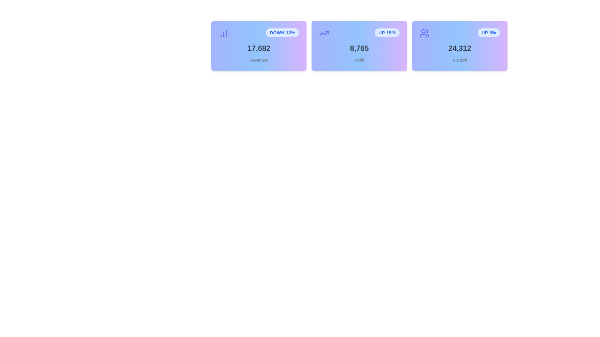 The height and width of the screenshot is (337, 600). What do you see at coordinates (424, 33) in the screenshot?
I see `the 'Visitors' icon located at the top-left corner of the third card, which displays '24,312 Visitors'` at bounding box center [424, 33].